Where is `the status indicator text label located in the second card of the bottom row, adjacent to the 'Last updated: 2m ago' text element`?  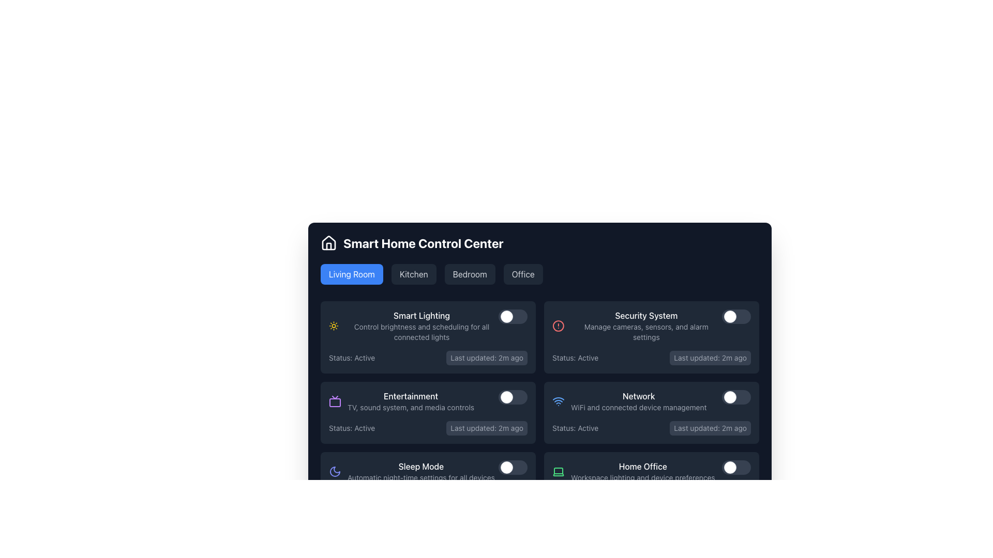 the status indicator text label located in the second card of the bottom row, adjacent to the 'Last updated: 2m ago' text element is located at coordinates (575, 428).